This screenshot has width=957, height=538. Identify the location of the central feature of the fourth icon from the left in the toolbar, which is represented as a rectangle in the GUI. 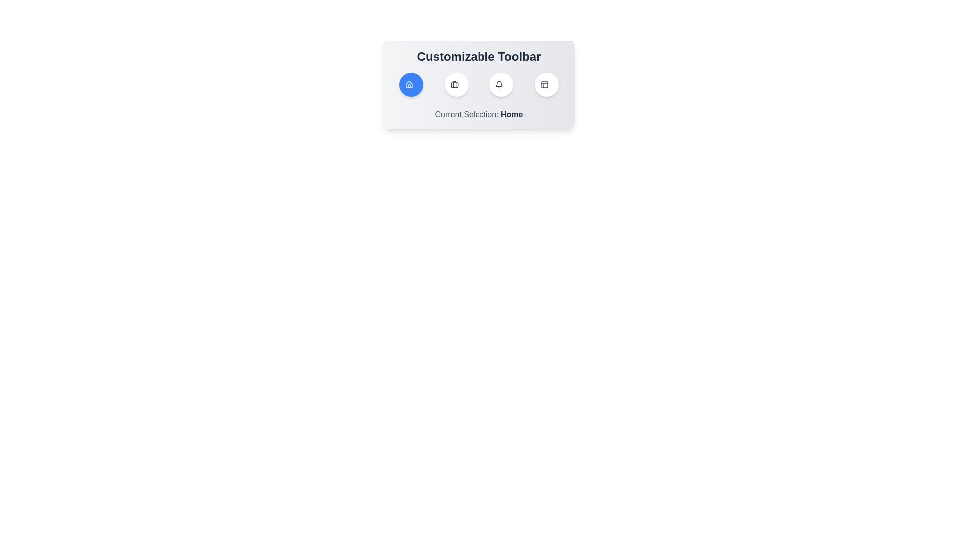
(544, 84).